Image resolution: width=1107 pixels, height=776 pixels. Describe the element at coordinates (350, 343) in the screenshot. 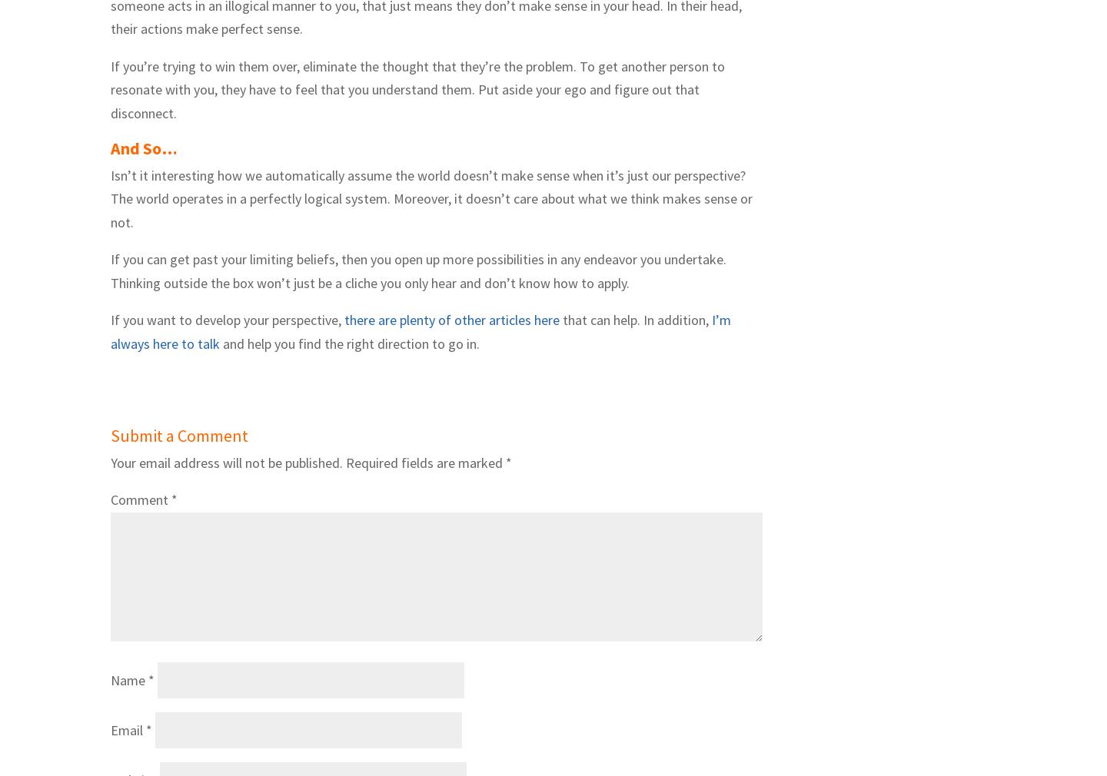

I see `'and help you find the right direction to go in.'` at that location.